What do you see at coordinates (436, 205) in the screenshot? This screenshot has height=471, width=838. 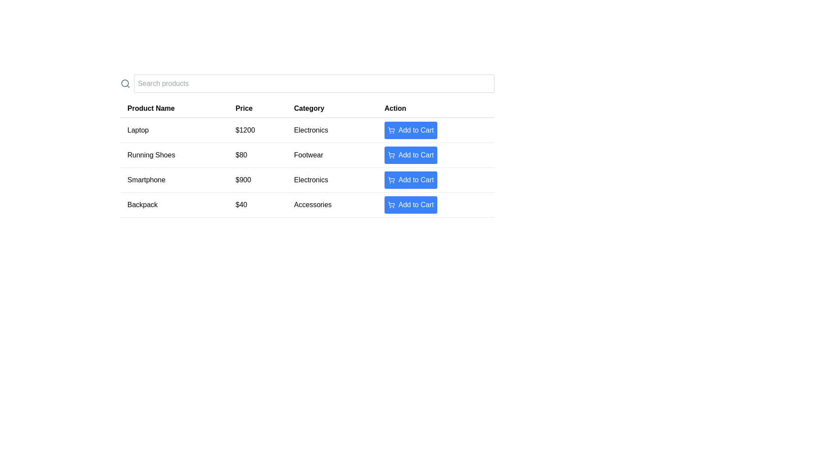 I see `the blue rectangular button labeled 'Add to Cart' located in the last row of the table under the 'Action' column for the backpack product` at bounding box center [436, 205].